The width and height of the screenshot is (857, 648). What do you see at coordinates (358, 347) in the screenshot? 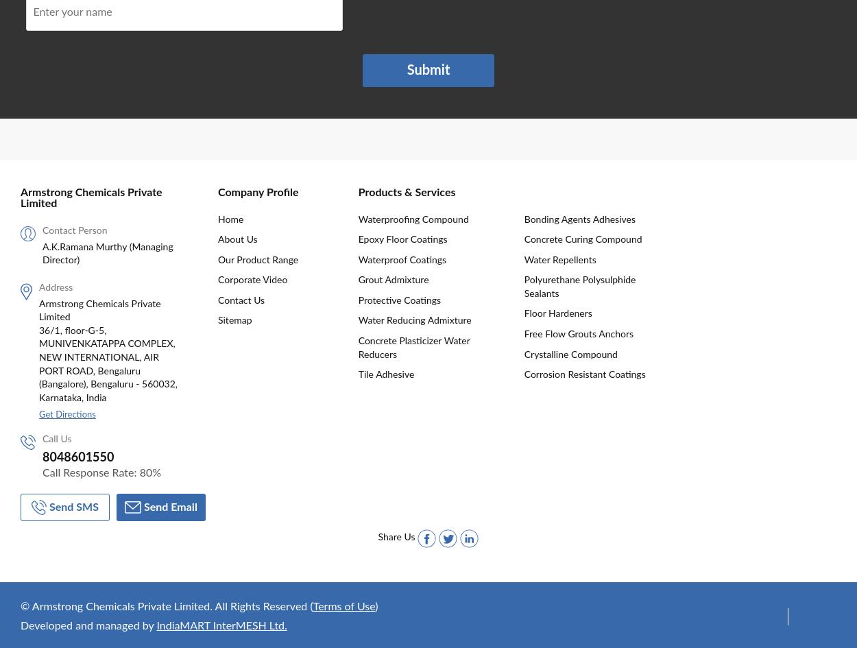
I see `'Concrete Plasticizer Water Reducers'` at bounding box center [358, 347].